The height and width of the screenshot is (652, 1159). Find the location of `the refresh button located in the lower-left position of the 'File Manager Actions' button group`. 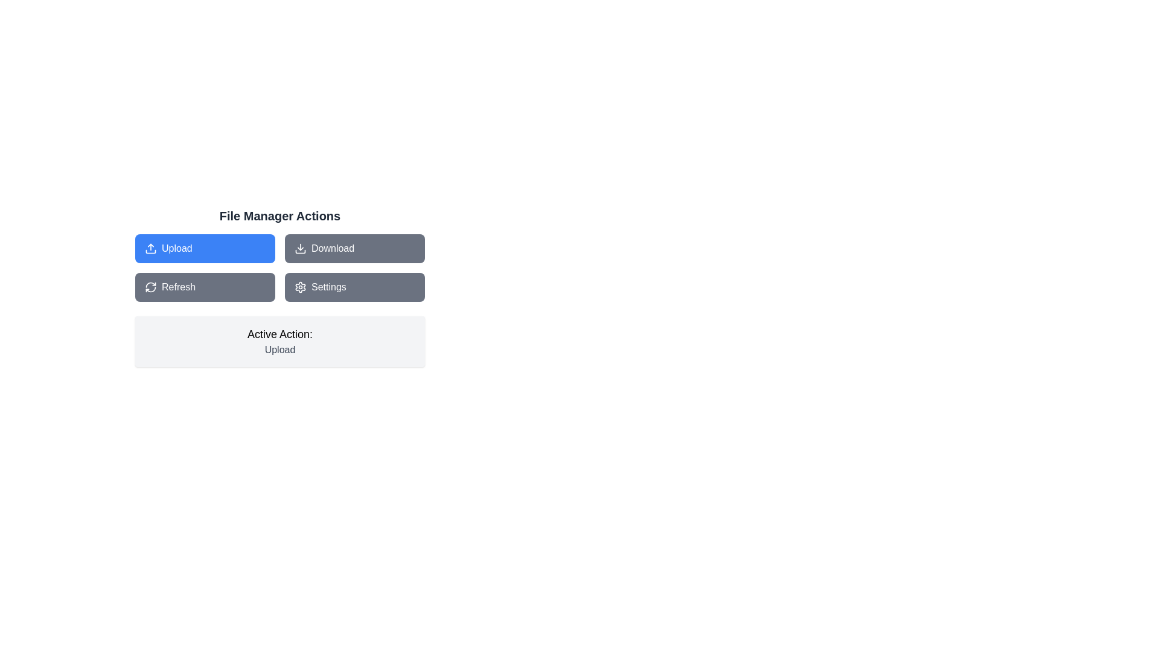

the refresh button located in the lower-left position of the 'File Manager Actions' button group is located at coordinates (205, 287).